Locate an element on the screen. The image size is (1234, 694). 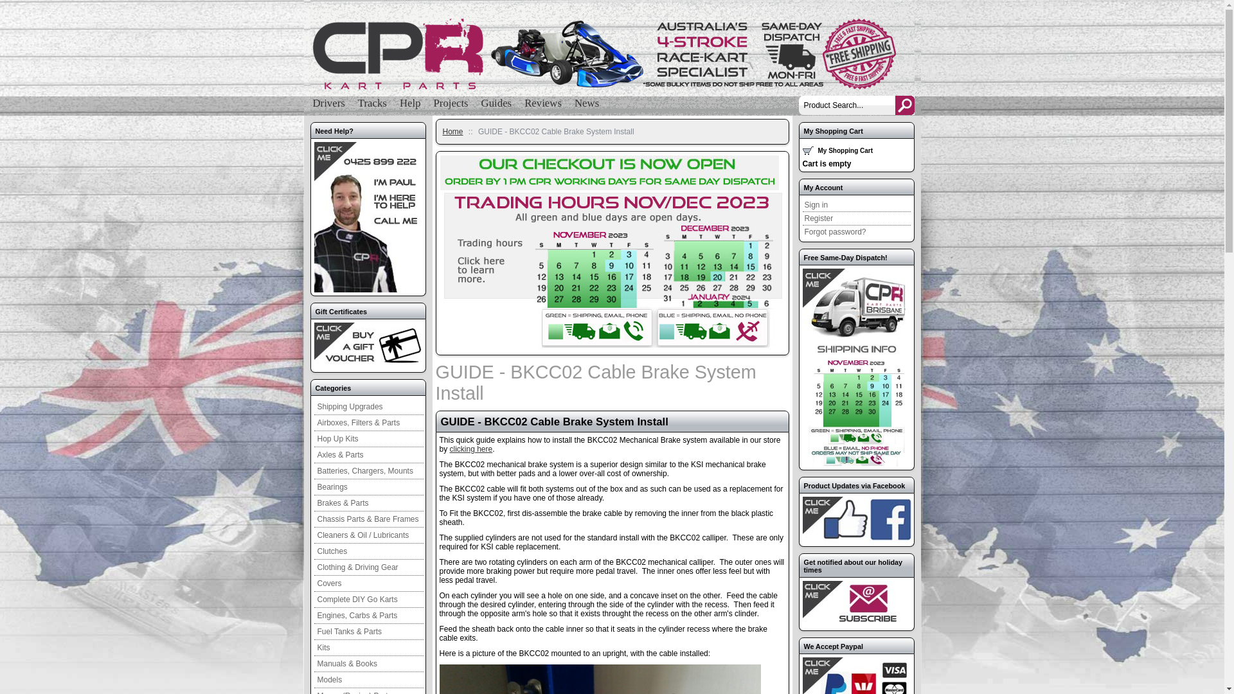
'Batteries, Chargers, Mounts' is located at coordinates (367, 471).